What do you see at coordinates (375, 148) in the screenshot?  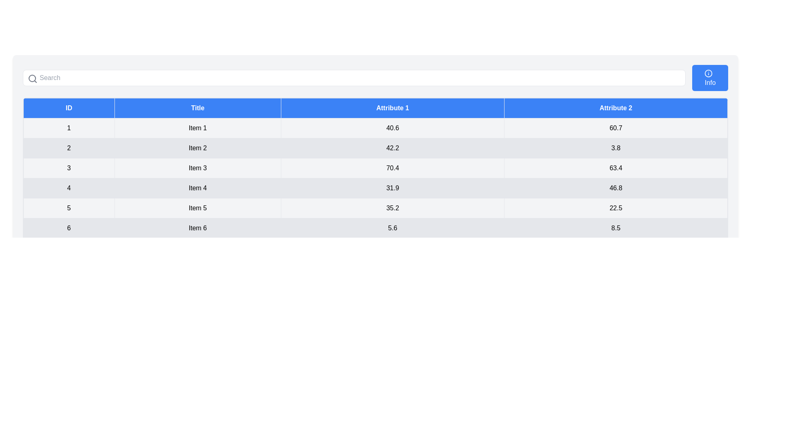 I see `the row corresponding to the ID 2 in the table` at bounding box center [375, 148].